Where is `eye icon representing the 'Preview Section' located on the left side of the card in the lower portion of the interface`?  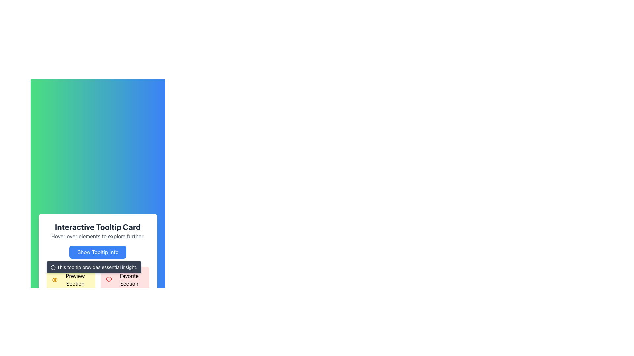
eye icon representing the 'Preview Section' located on the left side of the card in the lower portion of the interface is located at coordinates (55, 280).